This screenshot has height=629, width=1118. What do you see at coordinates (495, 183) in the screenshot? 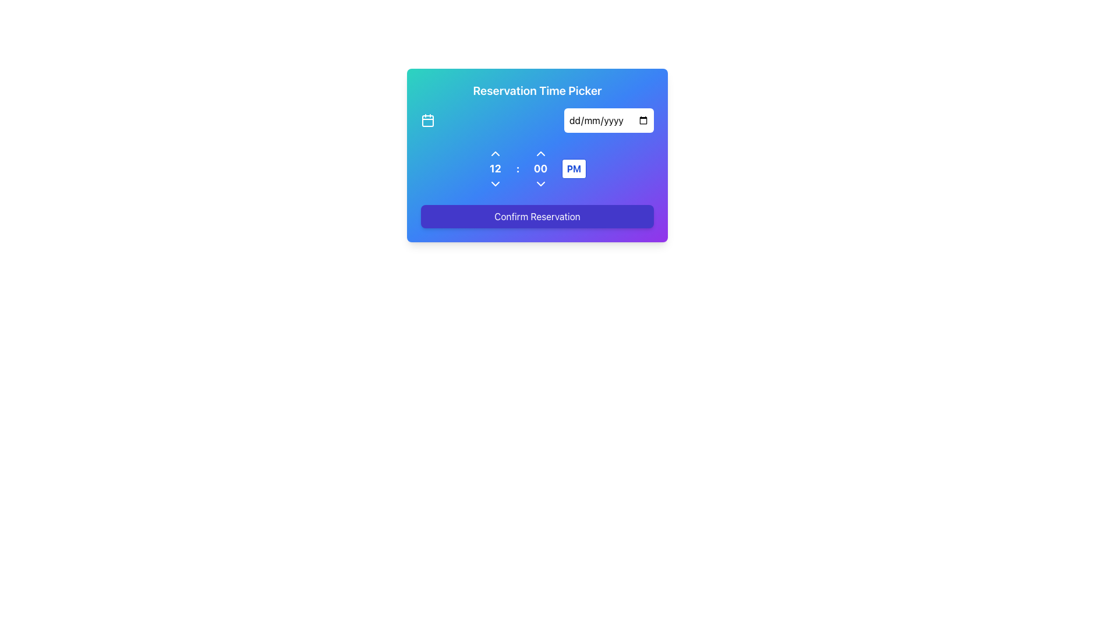
I see `the button located below the digit '12' in the time selection interface to decrease the hour value` at bounding box center [495, 183].